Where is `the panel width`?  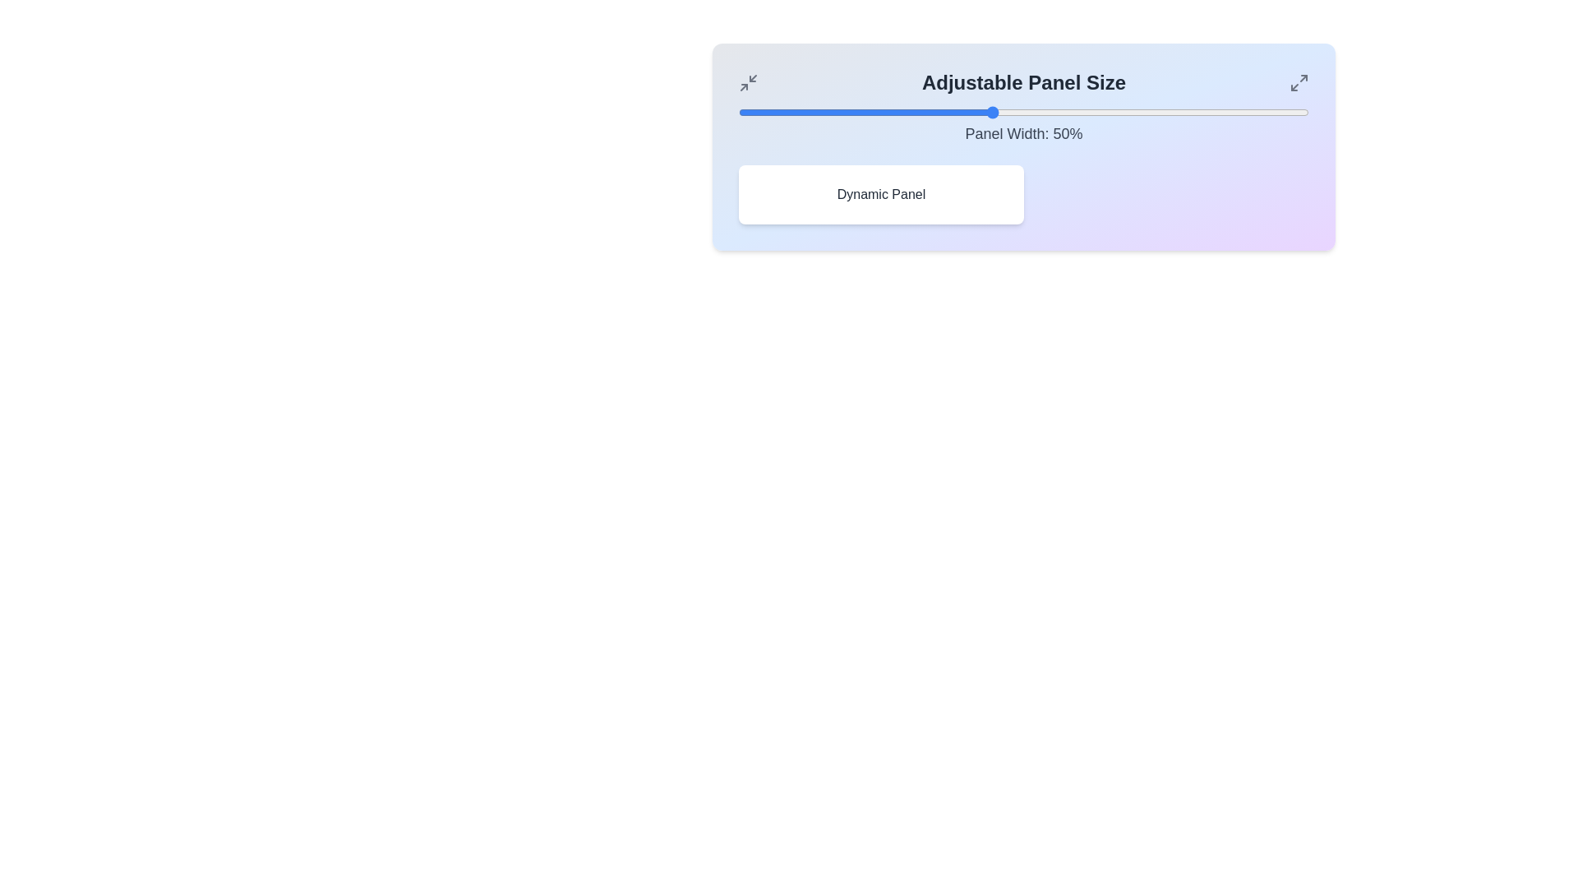
the panel width is located at coordinates (865, 112).